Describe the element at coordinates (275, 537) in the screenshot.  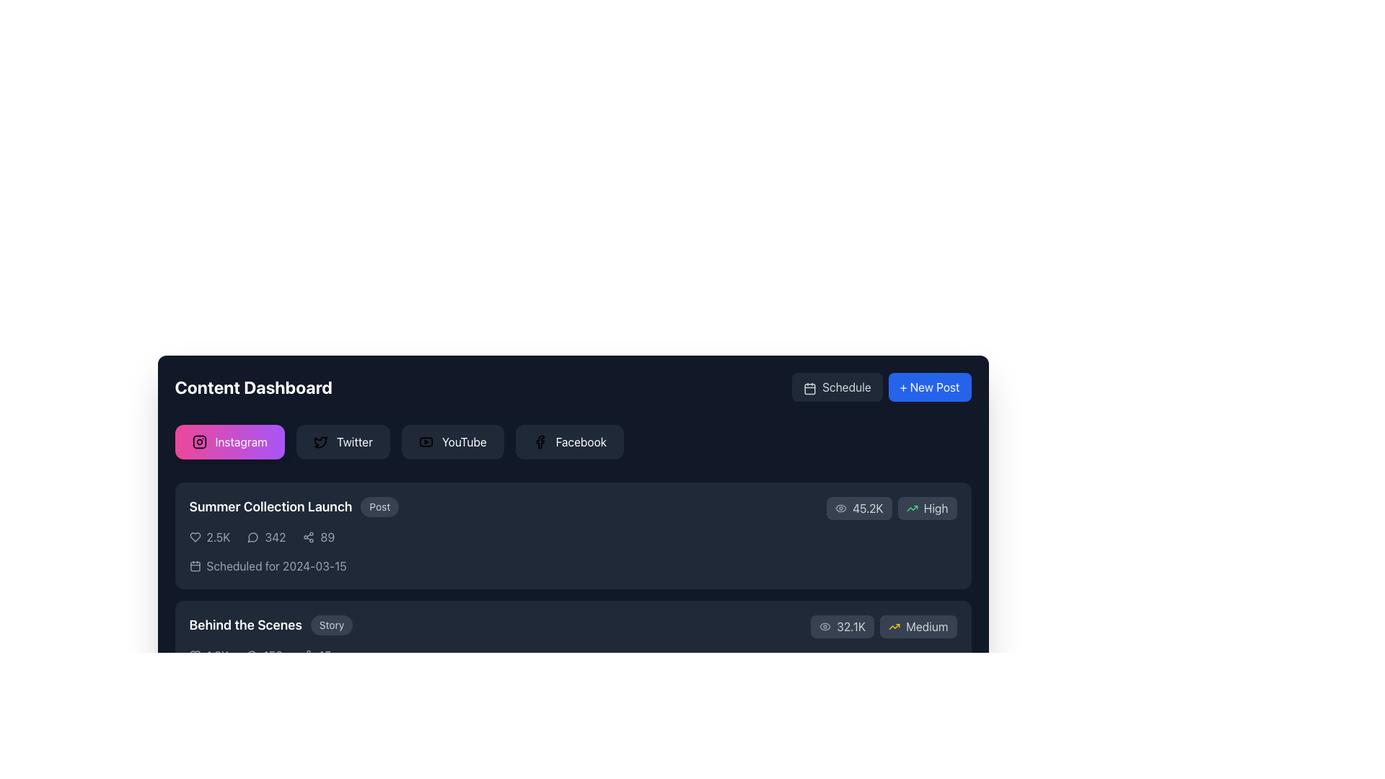
I see `the numeric value displaying the count of a specific metric located in the lower section of the 'Summer Collection Launch' panel, to the right of a speech bubble icon` at that location.